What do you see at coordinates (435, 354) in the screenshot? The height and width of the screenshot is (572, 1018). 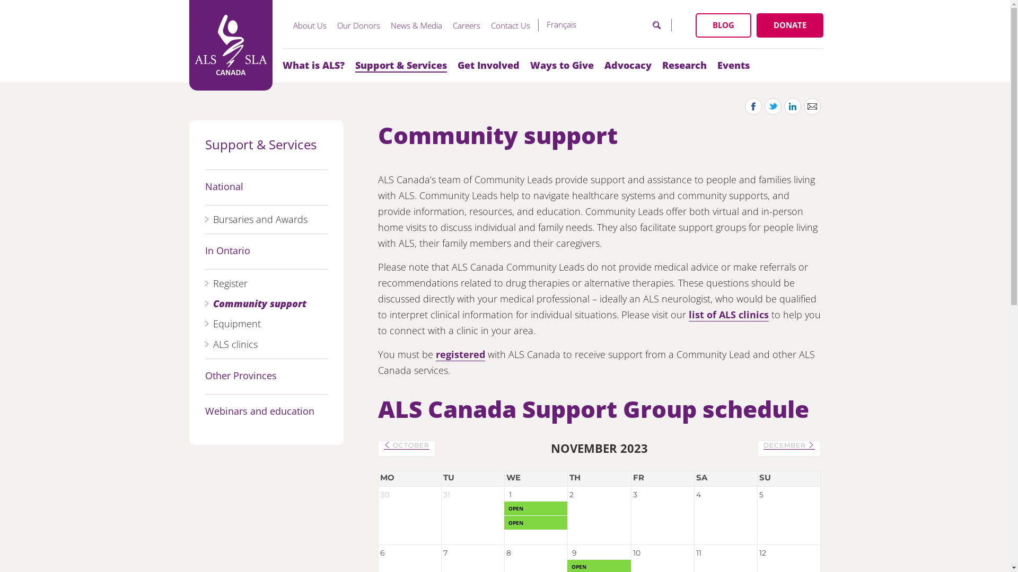 I see `'registered'` at bounding box center [435, 354].